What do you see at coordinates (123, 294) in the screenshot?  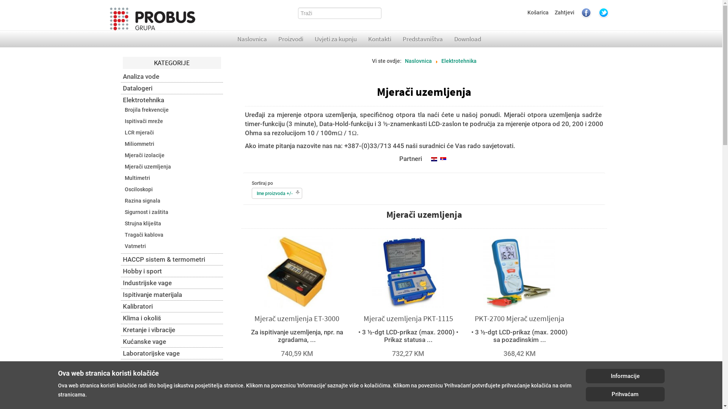 I see `'Ispitivanje materijala'` at bounding box center [123, 294].